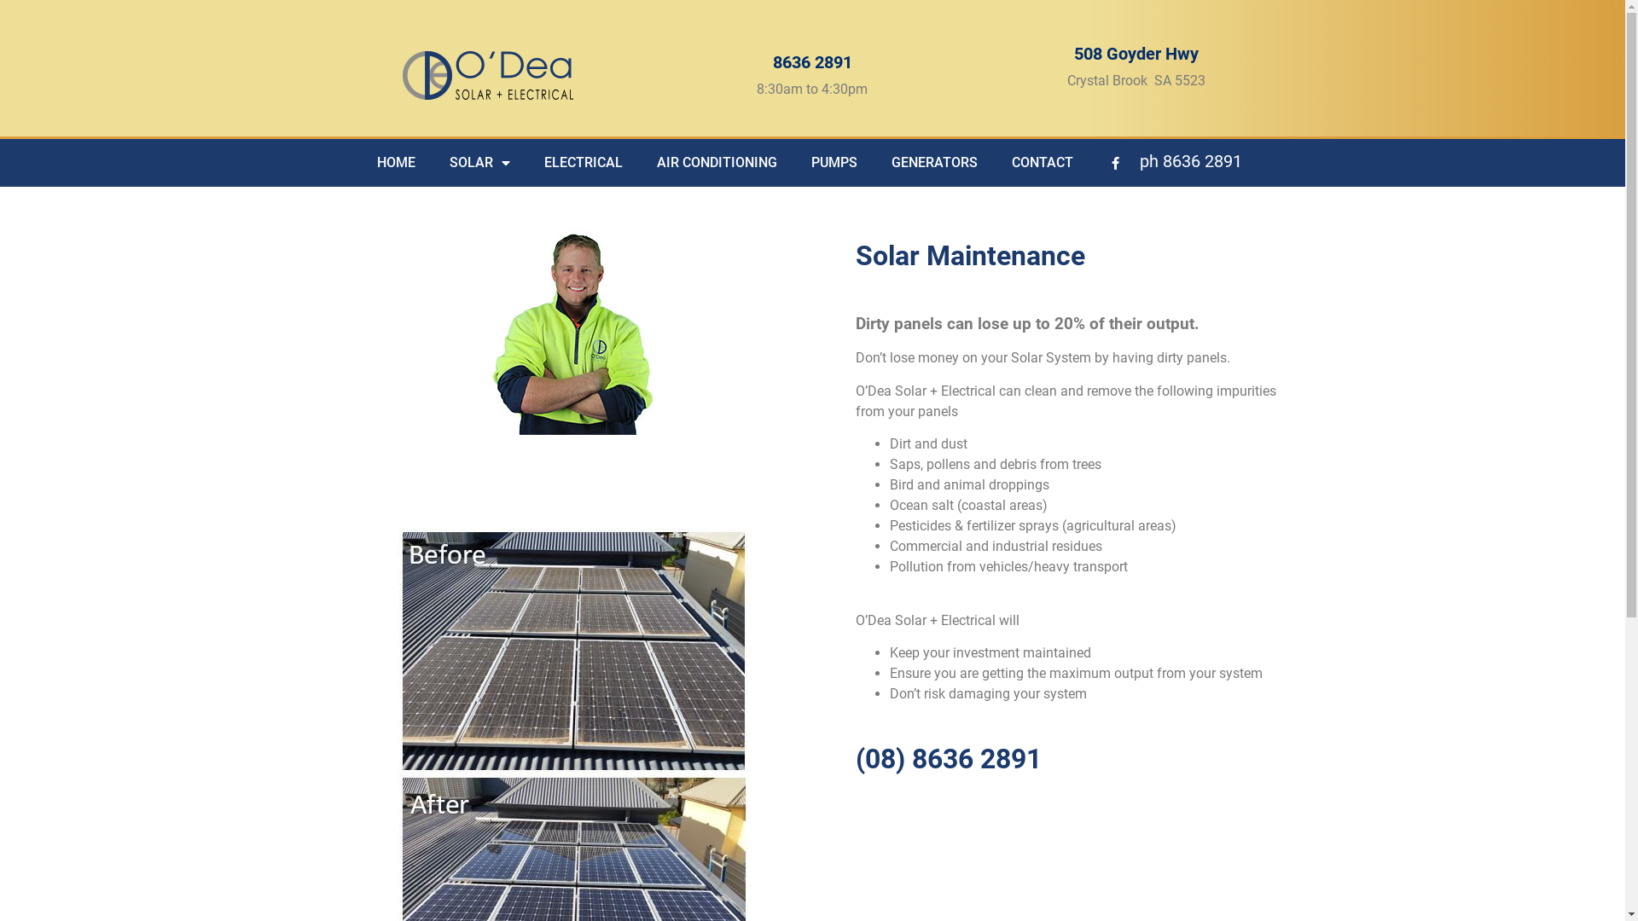 The width and height of the screenshot is (1638, 921). I want to click on 'HOME', so click(395, 163).